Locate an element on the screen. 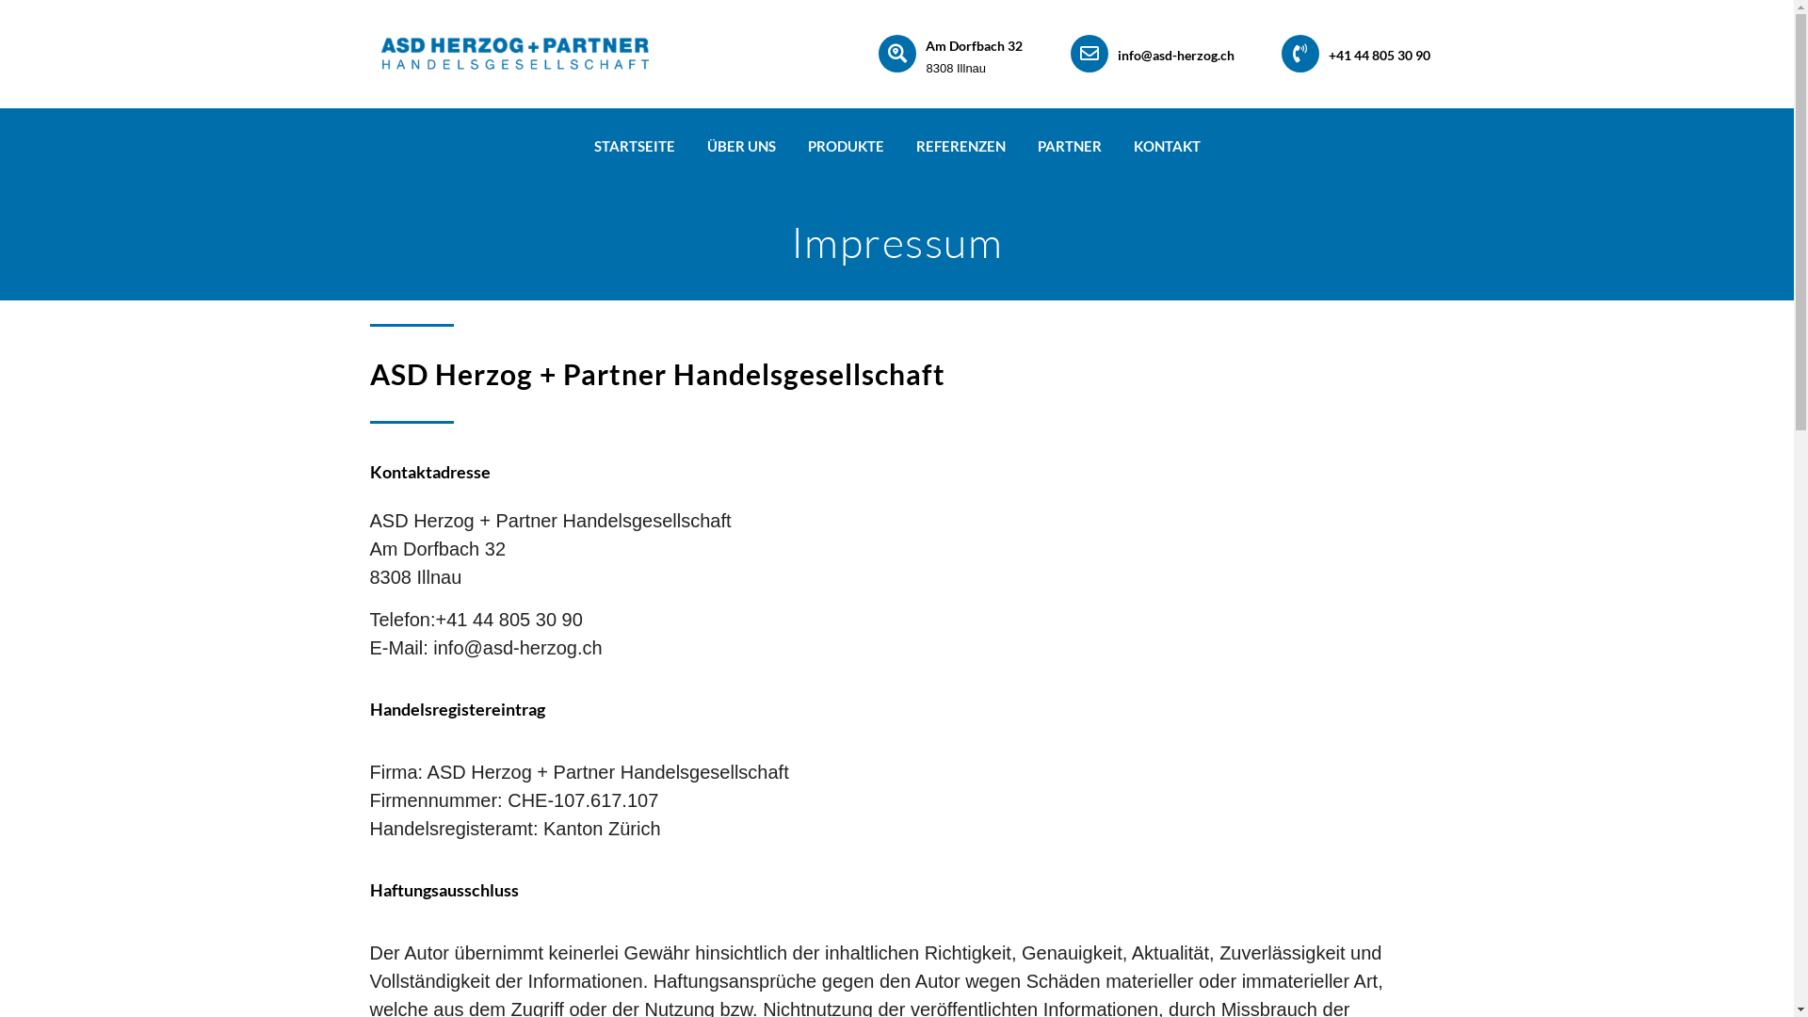 This screenshot has height=1017, width=1808. 'Am Dorfbach 32' is located at coordinates (974, 44).